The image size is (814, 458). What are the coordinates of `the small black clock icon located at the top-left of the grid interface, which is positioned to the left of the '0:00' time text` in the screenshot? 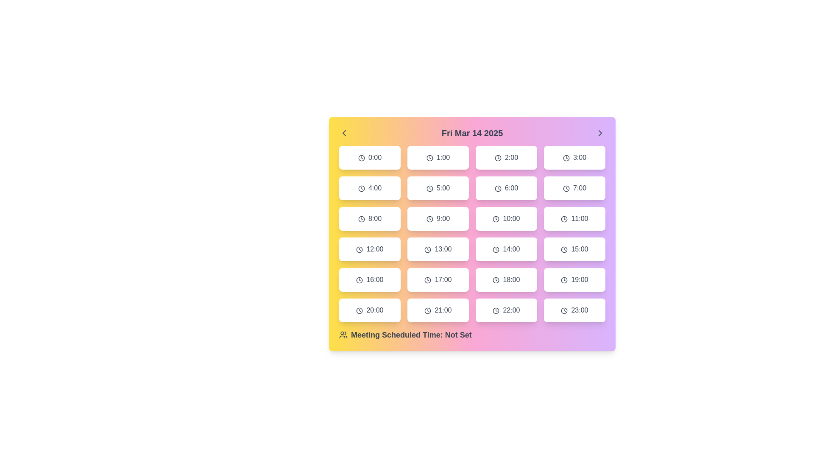 It's located at (361, 158).